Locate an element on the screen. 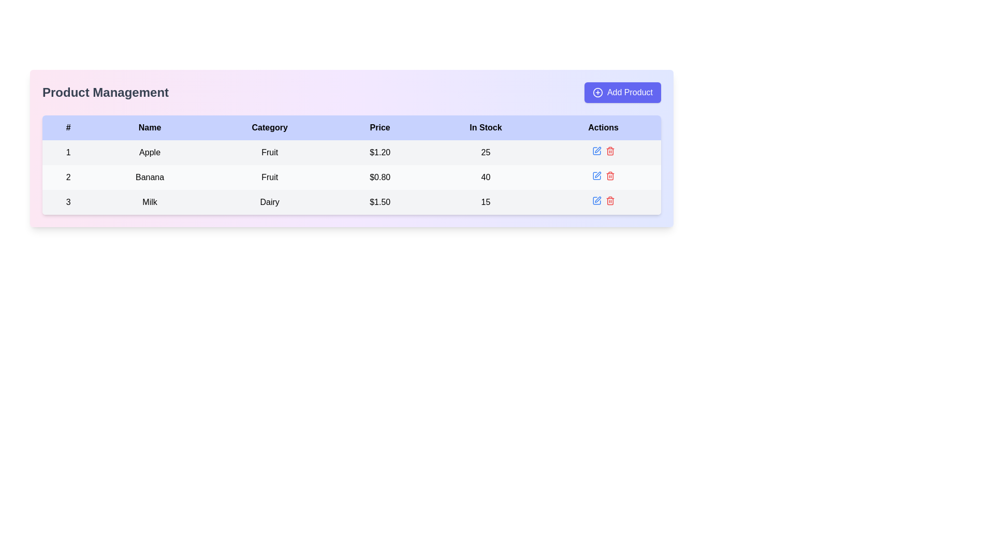  the 'Category' label in the header row of the table, which is the third column header displaying the word 'Category' in black text on a light blue background is located at coordinates (270, 127).